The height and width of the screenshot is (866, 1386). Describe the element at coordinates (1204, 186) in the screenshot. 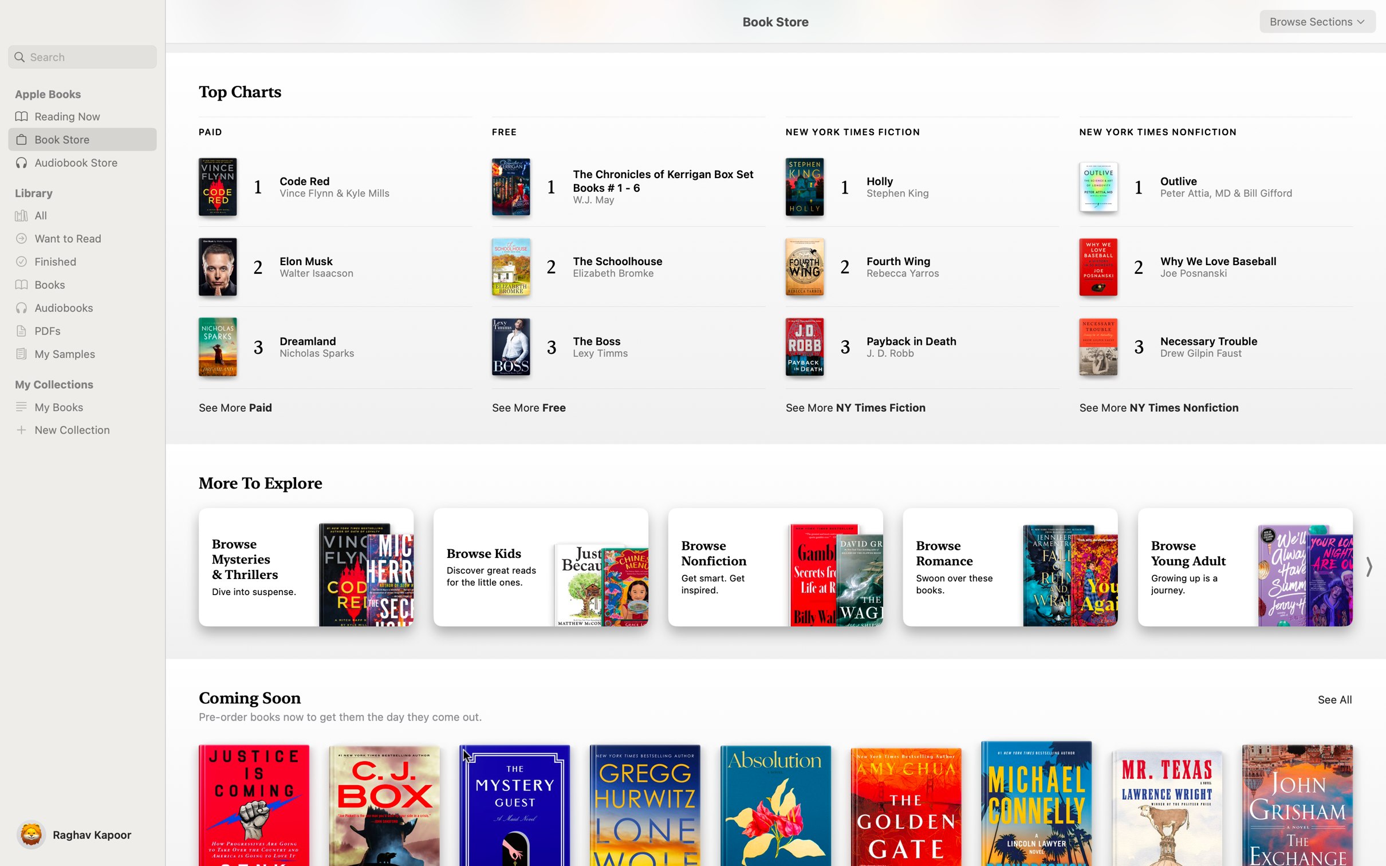

I see `Read "Outlive" from NY Times Notifications` at that location.